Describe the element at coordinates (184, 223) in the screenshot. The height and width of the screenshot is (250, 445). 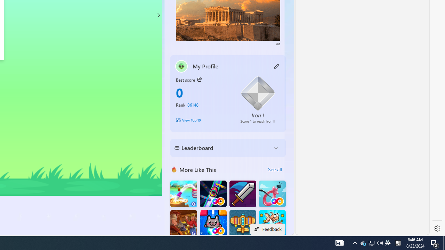
I see `'Saloon Robbery'` at that location.